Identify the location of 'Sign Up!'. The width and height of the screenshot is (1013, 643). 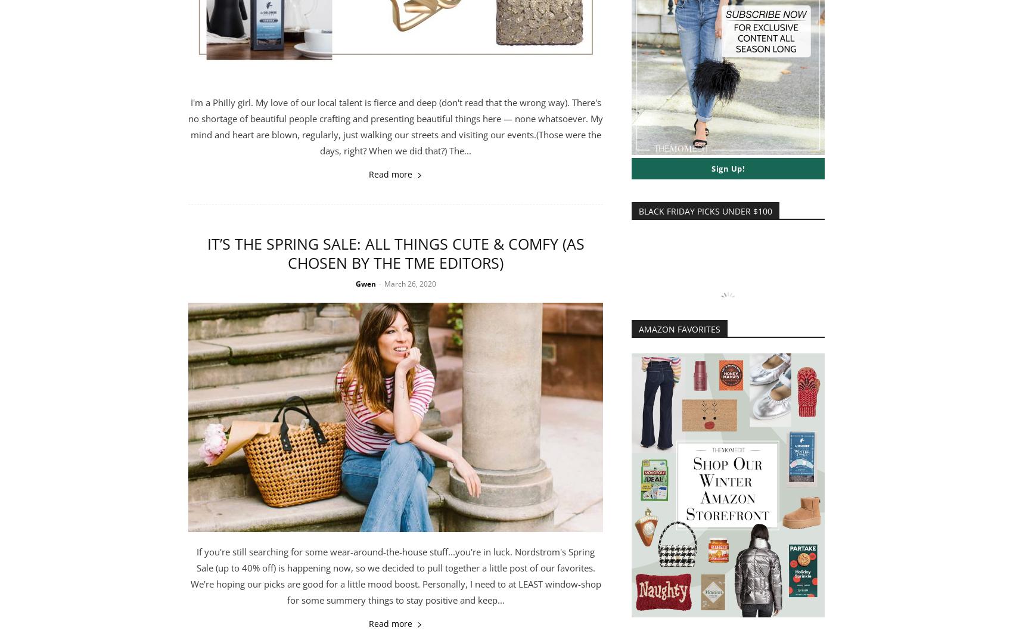
(727, 169).